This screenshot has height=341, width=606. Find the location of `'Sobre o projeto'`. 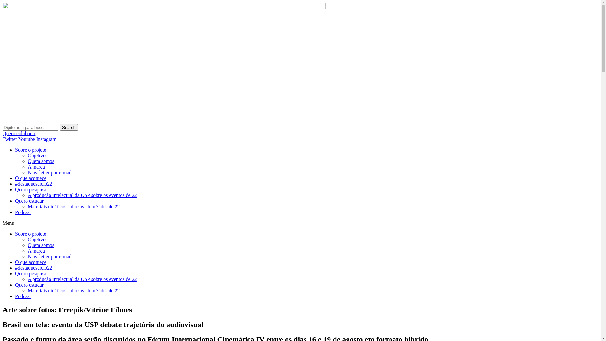

'Sobre o projeto' is located at coordinates (30, 234).